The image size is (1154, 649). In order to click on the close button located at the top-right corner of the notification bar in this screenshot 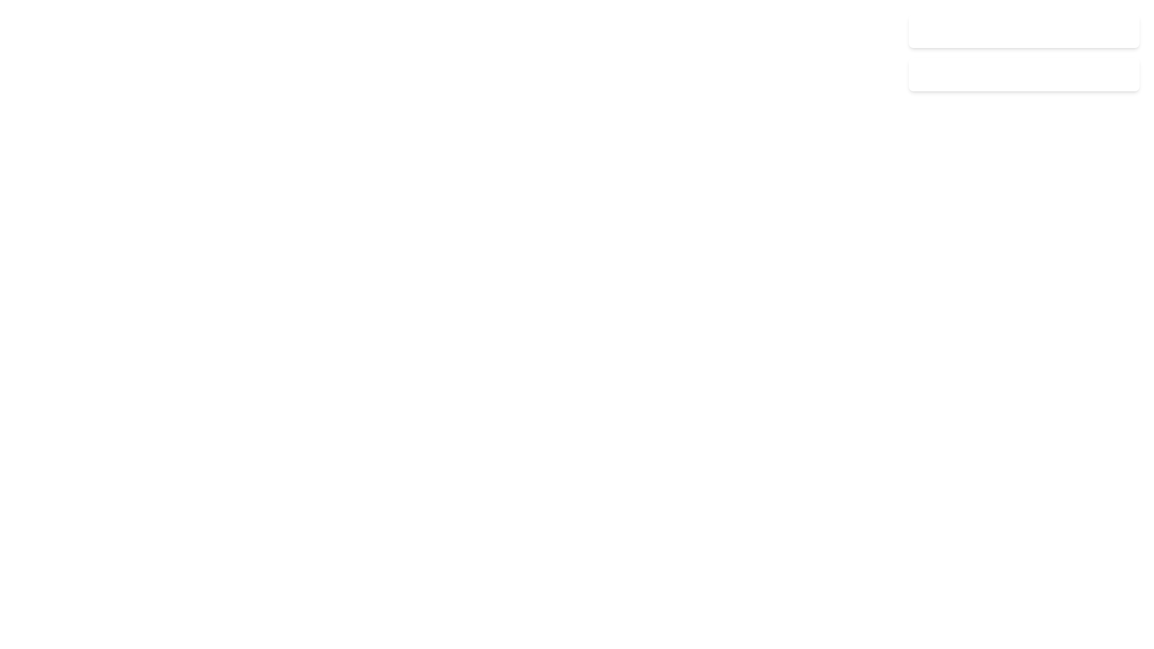, I will do `click(1123, 30)`.